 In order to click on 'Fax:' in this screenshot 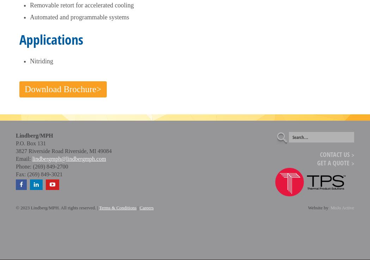, I will do `click(20, 174)`.